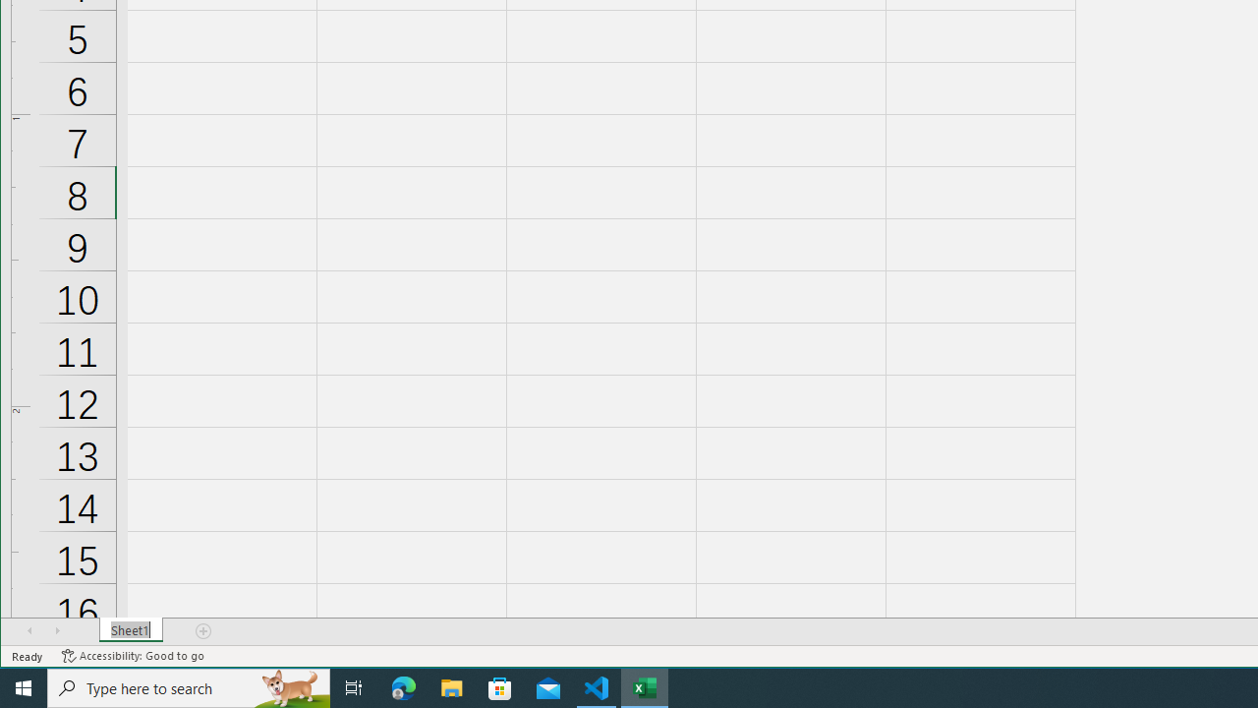  Describe the element at coordinates (204, 630) in the screenshot. I see `'Add Sheet'` at that location.